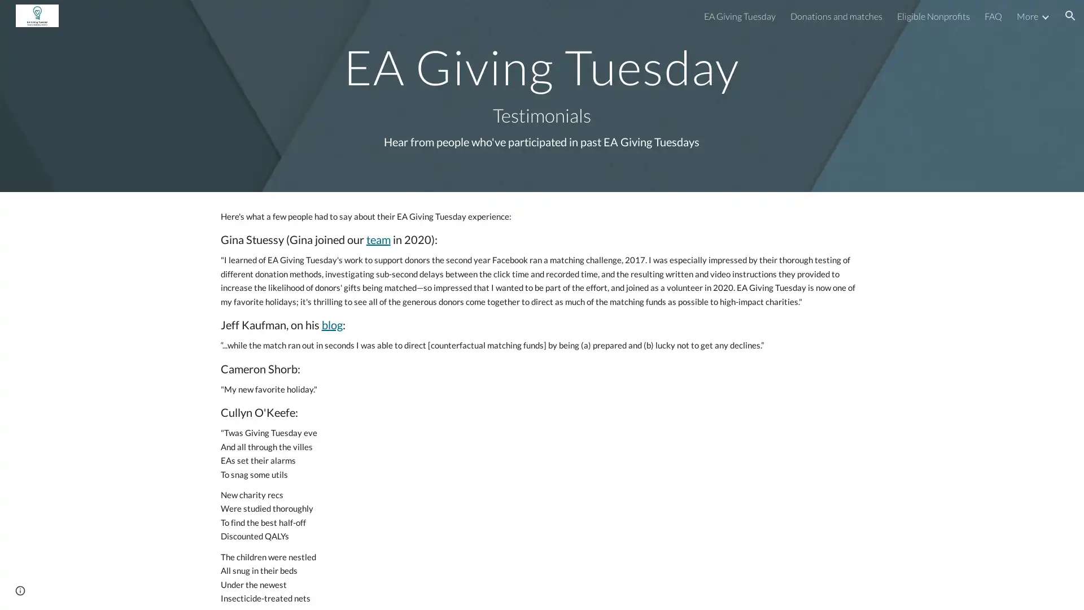 The height and width of the screenshot is (610, 1084). I want to click on Skip to main content, so click(444, 21).